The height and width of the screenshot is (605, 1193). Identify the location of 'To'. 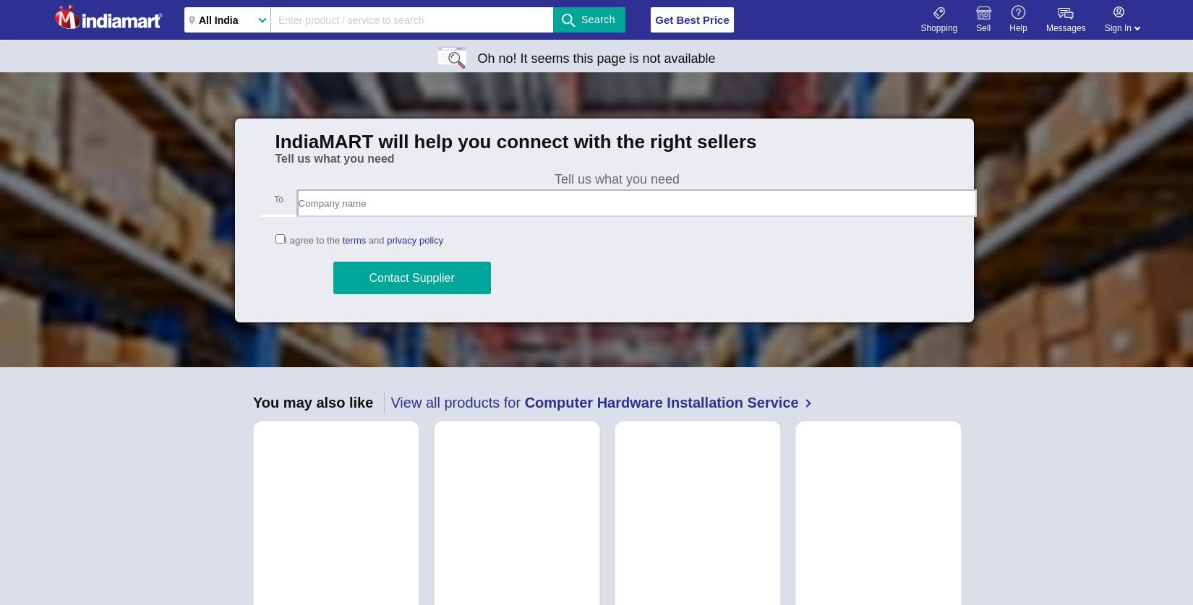
(278, 198).